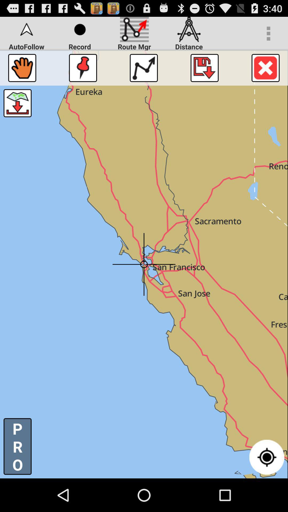  Describe the element at coordinates (204, 67) in the screenshot. I see `to disk` at that location.